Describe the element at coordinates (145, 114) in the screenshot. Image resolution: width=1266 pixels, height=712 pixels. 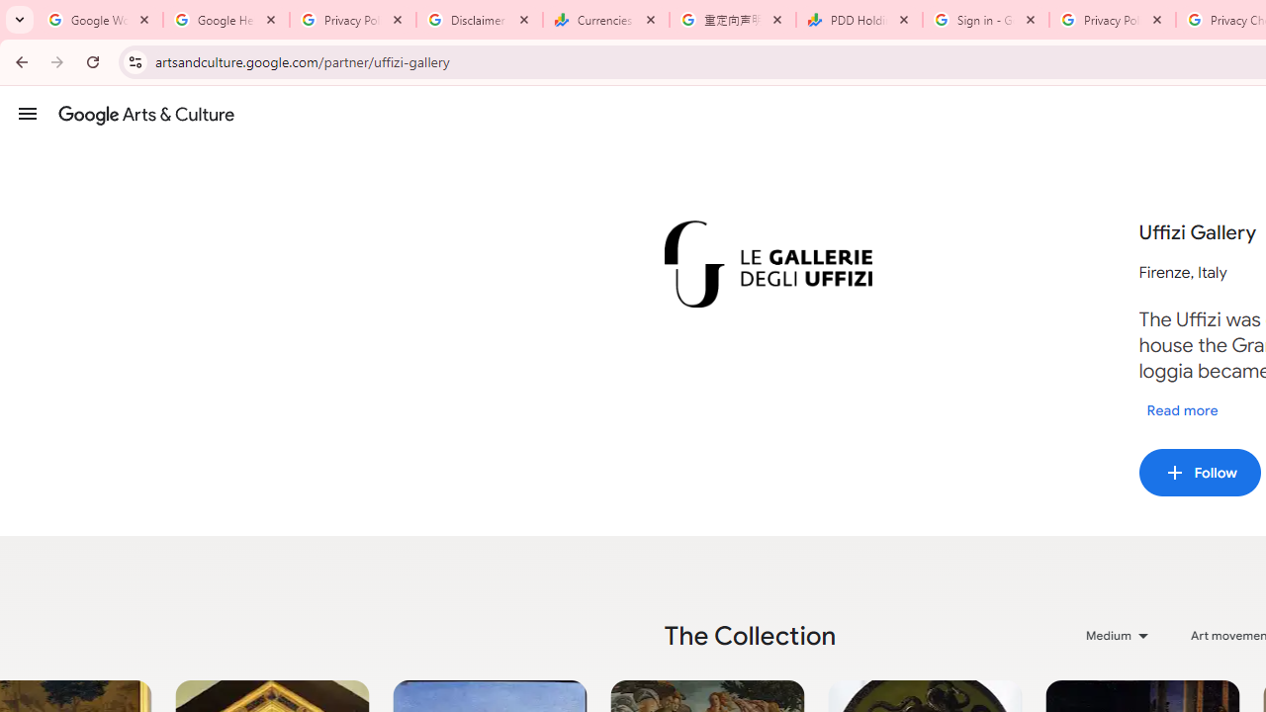
I see `'Google Arts & Culture'` at that location.